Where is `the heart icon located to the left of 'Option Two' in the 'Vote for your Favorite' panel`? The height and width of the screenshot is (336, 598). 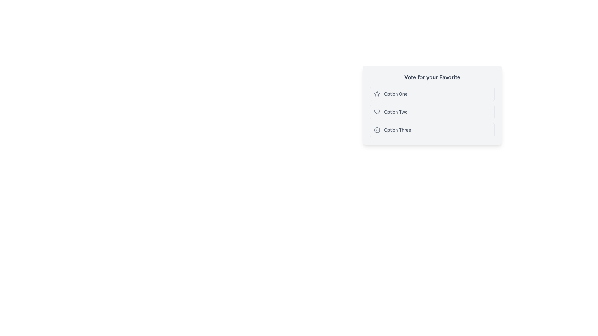 the heart icon located to the left of 'Option Two' in the 'Vote for your Favorite' panel is located at coordinates (377, 111).